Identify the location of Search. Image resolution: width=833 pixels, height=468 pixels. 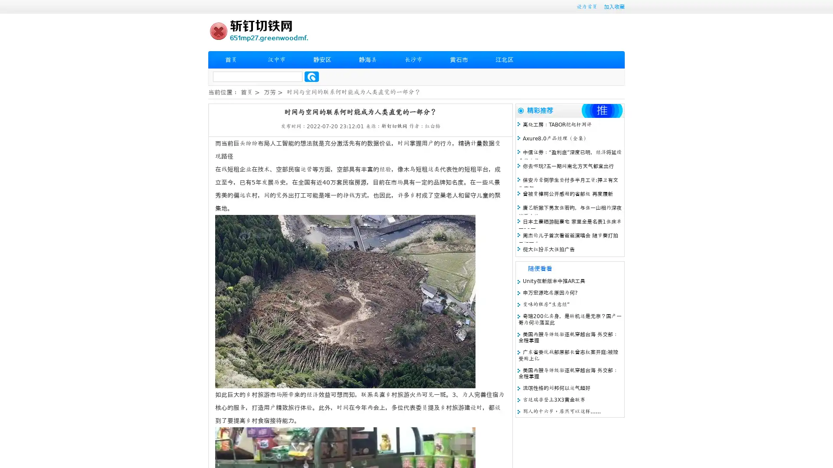
(312, 76).